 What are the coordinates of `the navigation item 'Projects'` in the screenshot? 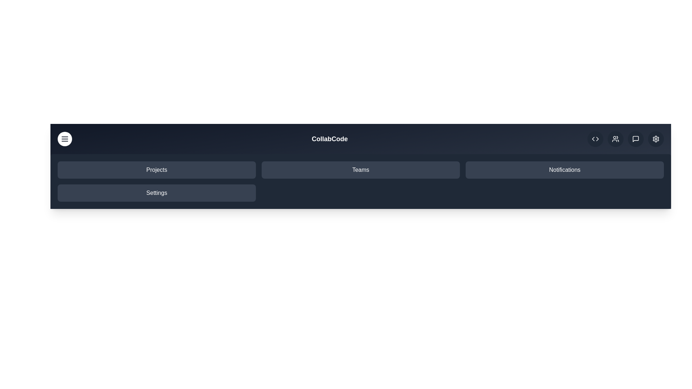 It's located at (156, 170).